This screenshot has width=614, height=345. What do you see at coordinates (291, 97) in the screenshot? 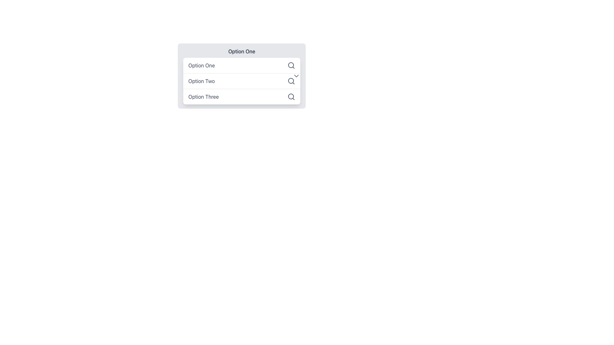
I see `the magnifying glass icon button located at the far-right of the 'Option Three' row in the dropdown interface` at bounding box center [291, 97].